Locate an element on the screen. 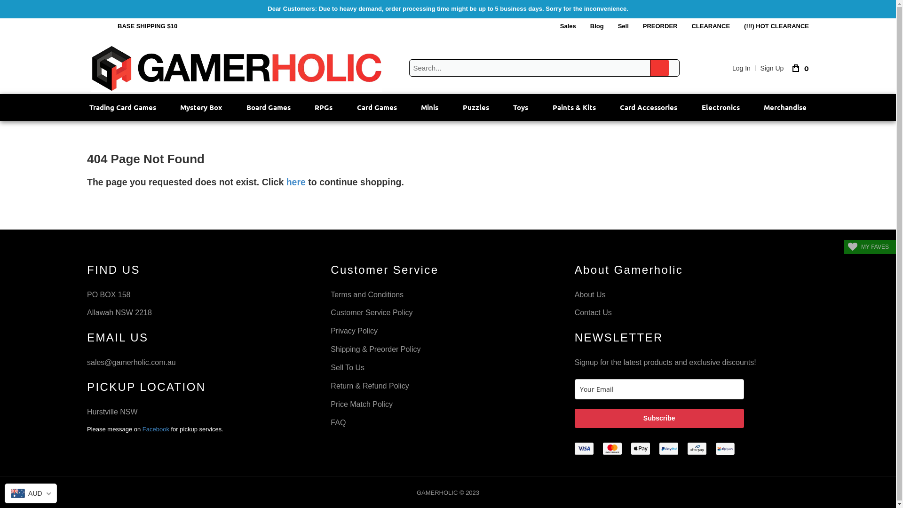  'Merchandise' is located at coordinates (785, 107).